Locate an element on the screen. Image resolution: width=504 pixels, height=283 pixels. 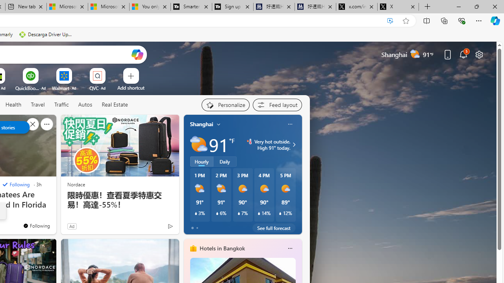
'hotels-header-icon' is located at coordinates (193, 248).